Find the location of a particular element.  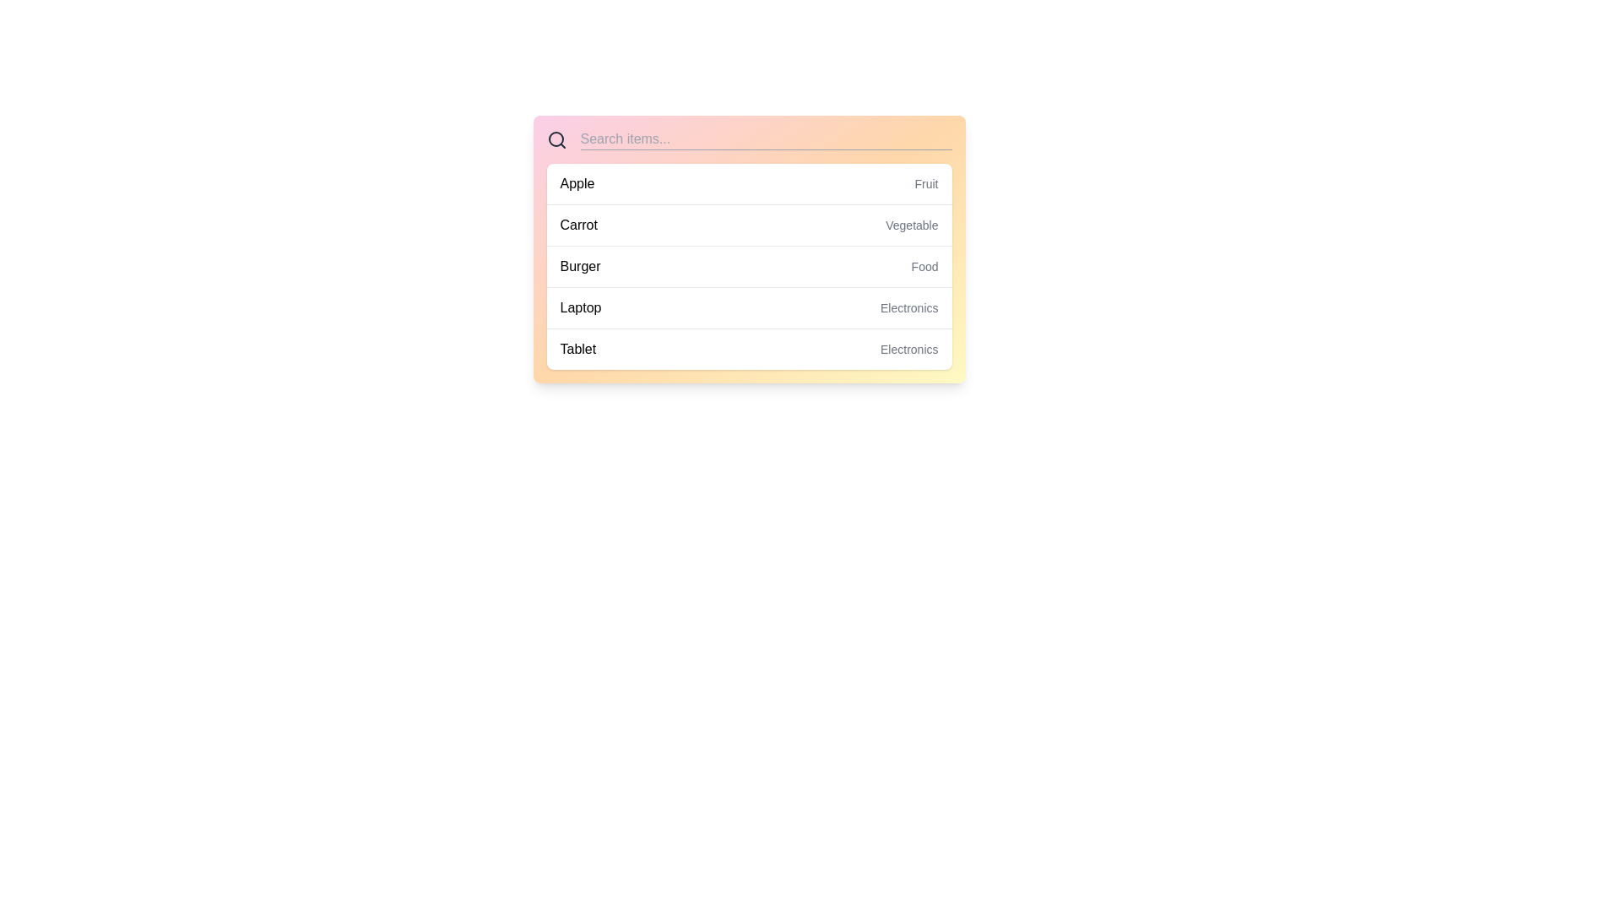

the fifth item in a categorized list that provides information about a product category, located at the bottom of the visible section is located at coordinates (748, 348).